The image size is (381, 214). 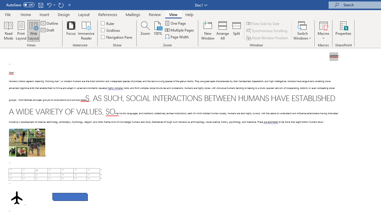 What do you see at coordinates (49, 5) in the screenshot?
I see `'Undo Paragraph Alignment'` at bounding box center [49, 5].